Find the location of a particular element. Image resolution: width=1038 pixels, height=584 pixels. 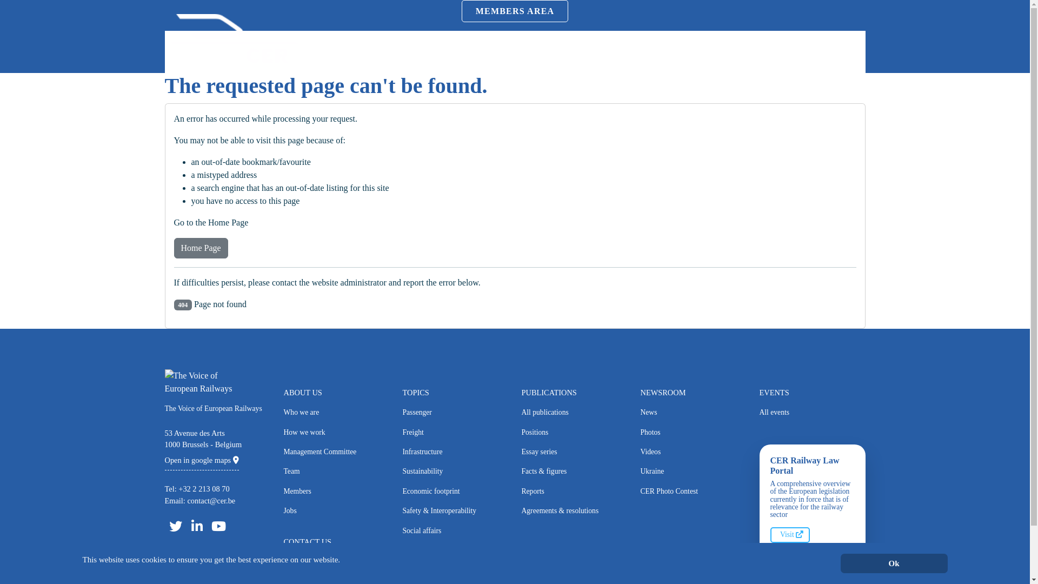

'Ukraine' is located at coordinates (640, 470).